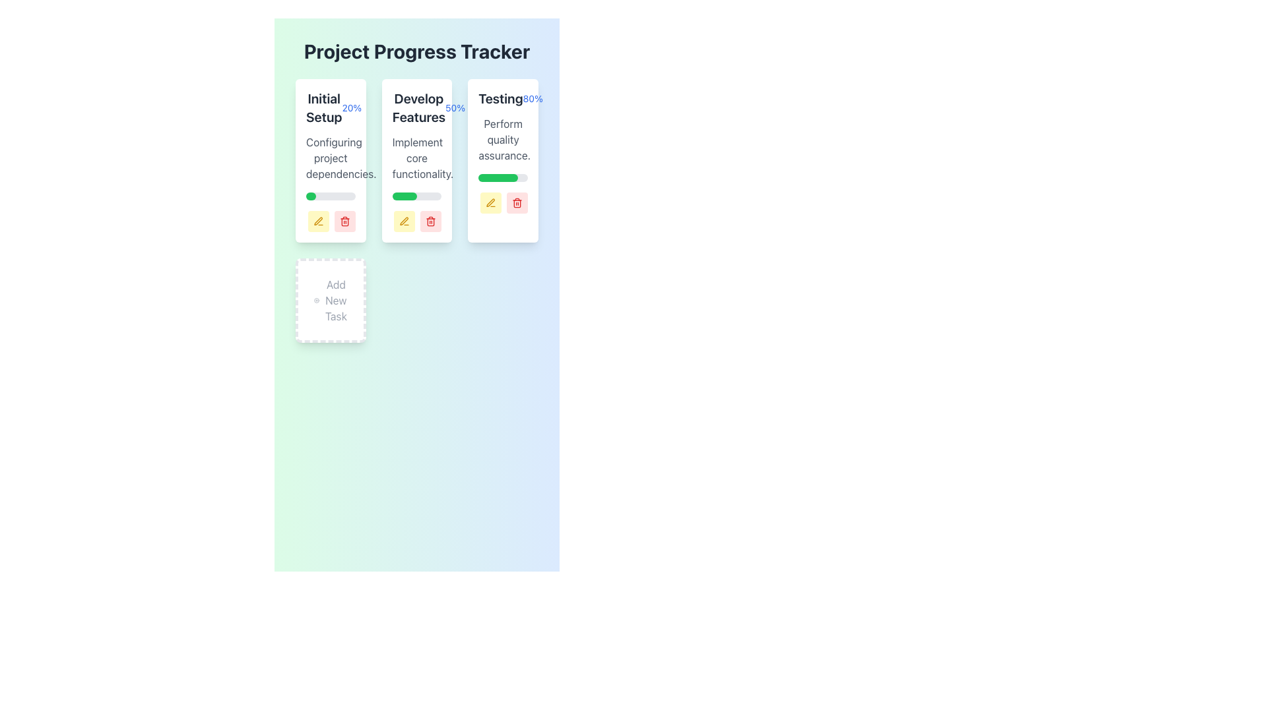 This screenshot has height=712, width=1267. What do you see at coordinates (502, 140) in the screenshot?
I see `the descriptive label text in the 'Testing' card, positioned centrally below the header 'Testing' and percentage '80%.'` at bounding box center [502, 140].